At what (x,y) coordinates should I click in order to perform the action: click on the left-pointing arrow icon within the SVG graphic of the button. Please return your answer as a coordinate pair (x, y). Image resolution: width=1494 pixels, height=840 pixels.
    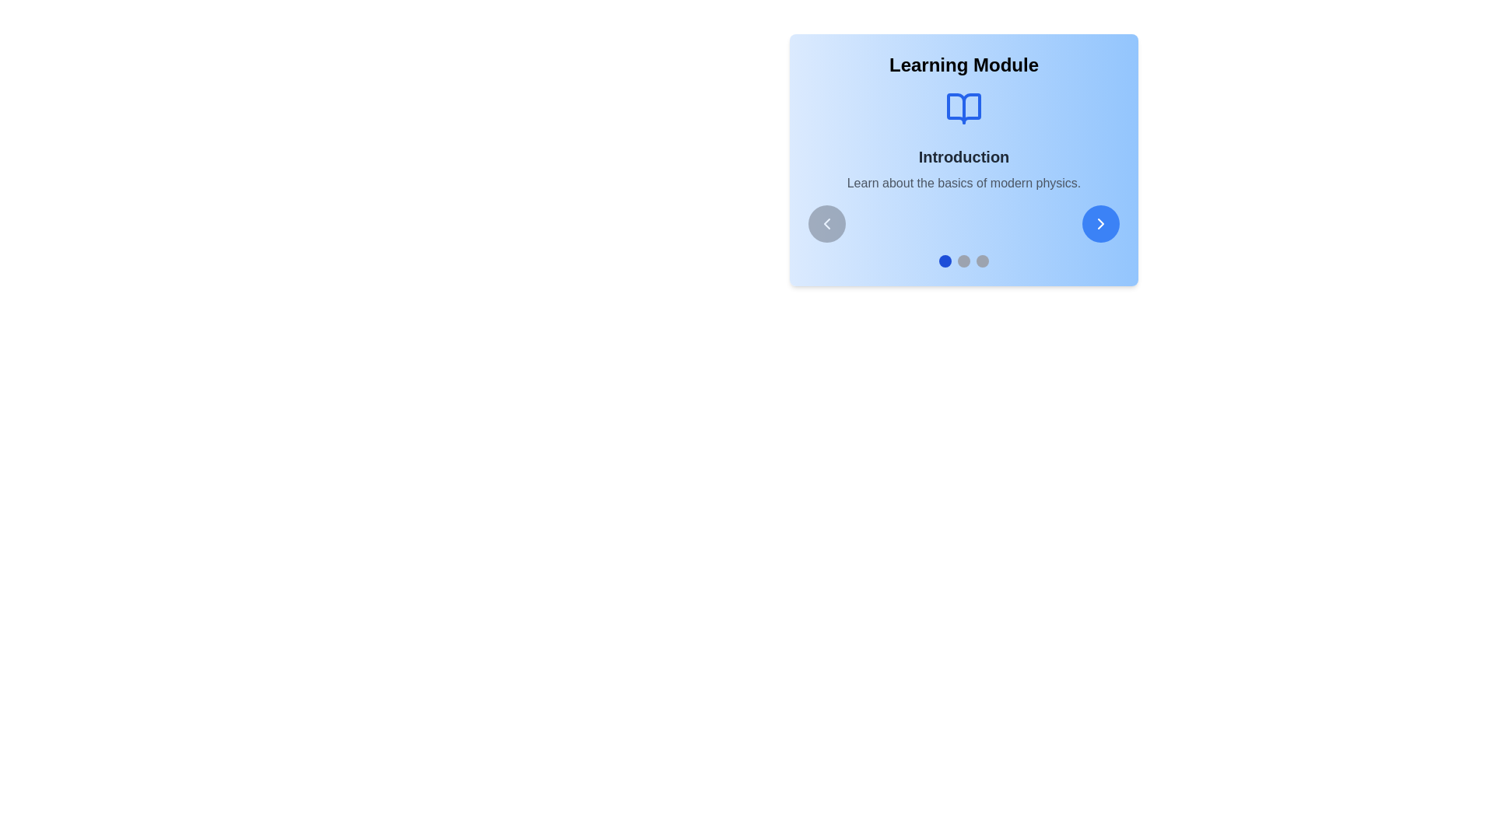
    Looking at the image, I should click on (826, 224).